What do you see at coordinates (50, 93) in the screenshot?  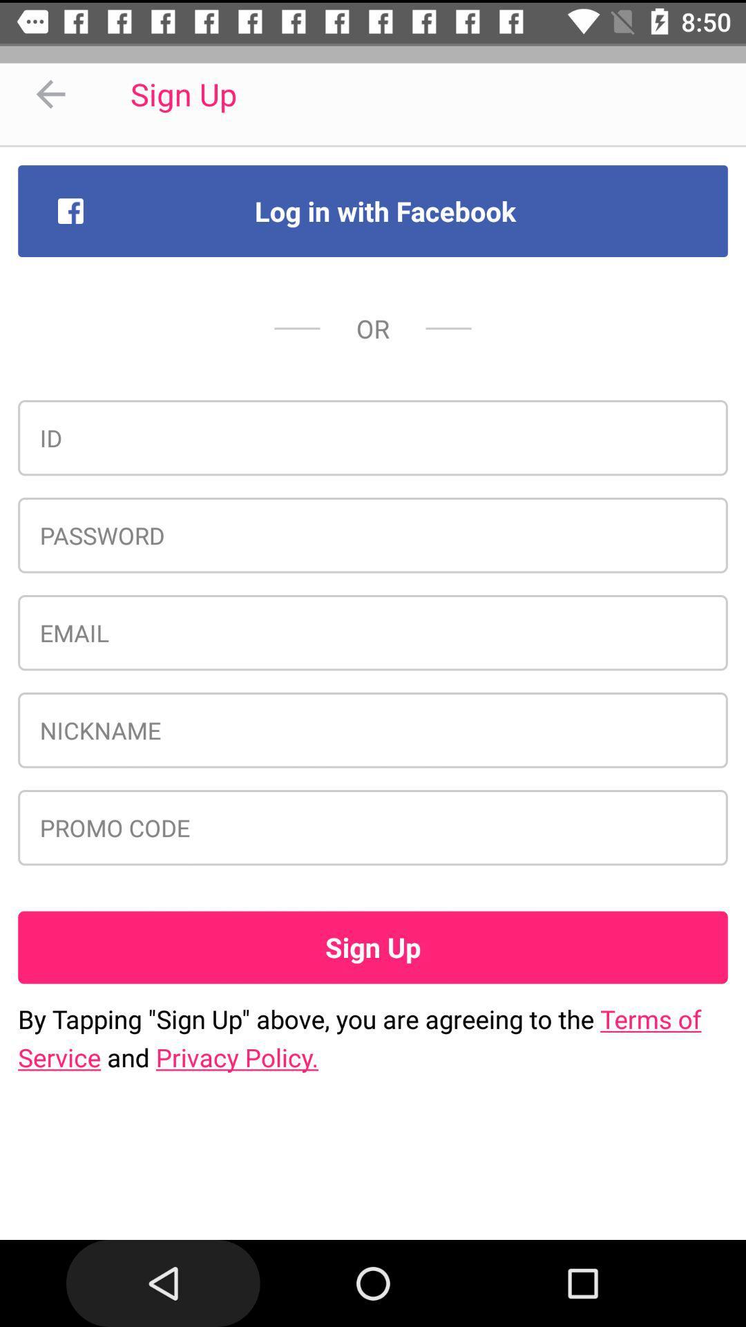 I see `icon to the left of sign up` at bounding box center [50, 93].